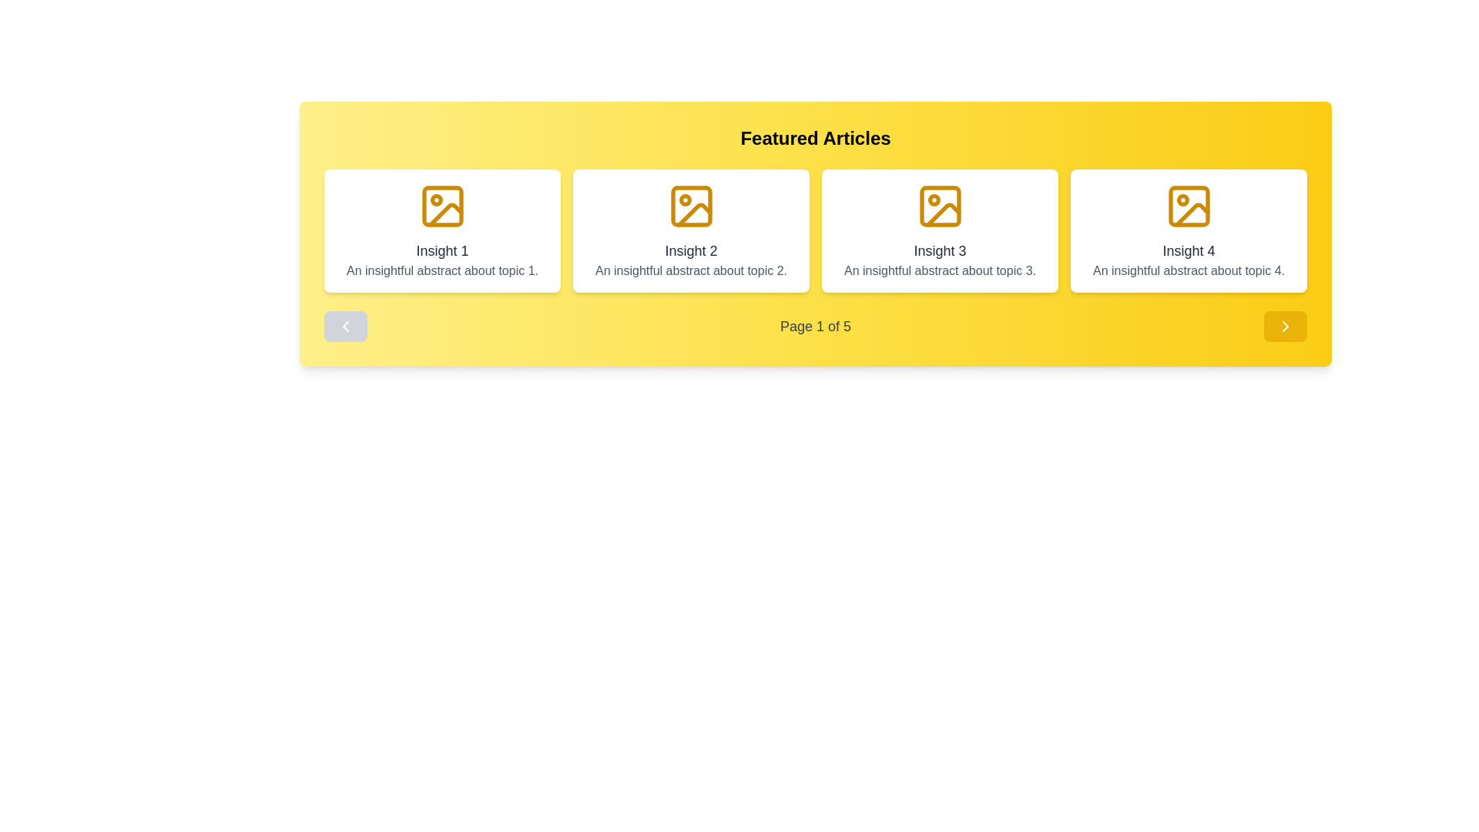 The image size is (1479, 832). Describe the element at coordinates (441, 205) in the screenshot. I see `the small rectangle with rounded corners located in the top-center of the first article card's icon in the carousel, which is styled in yellow-orange` at that location.